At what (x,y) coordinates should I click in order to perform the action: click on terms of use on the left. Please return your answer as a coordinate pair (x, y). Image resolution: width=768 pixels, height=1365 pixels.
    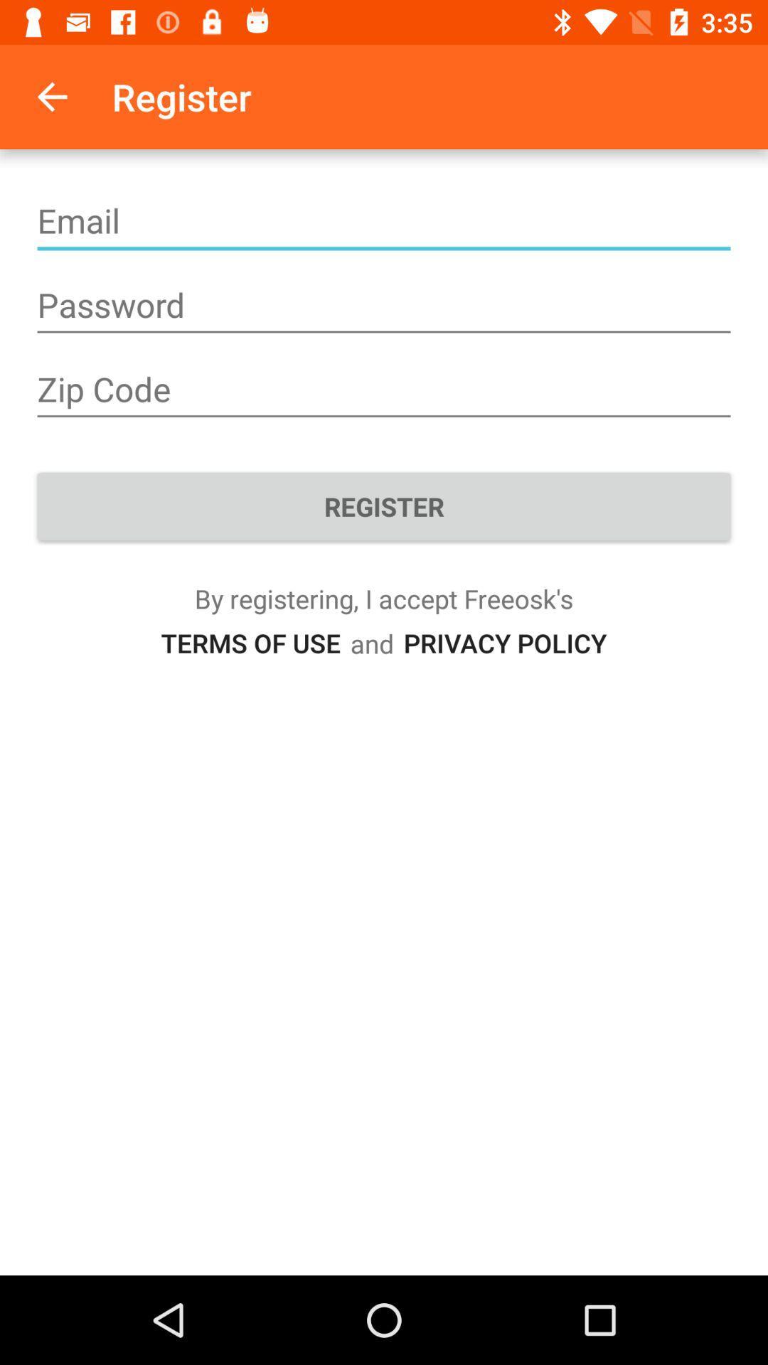
    Looking at the image, I should click on (250, 642).